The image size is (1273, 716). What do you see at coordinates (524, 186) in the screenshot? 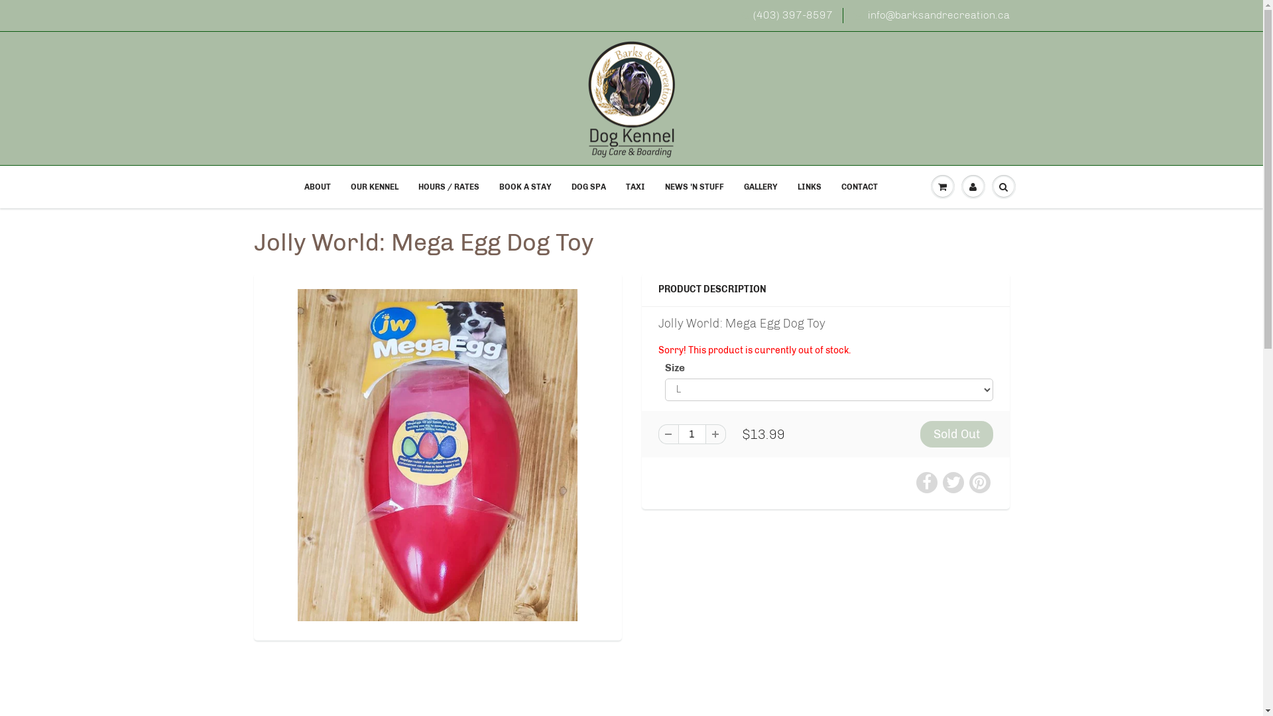
I see `'BOOK A STAY'` at bounding box center [524, 186].